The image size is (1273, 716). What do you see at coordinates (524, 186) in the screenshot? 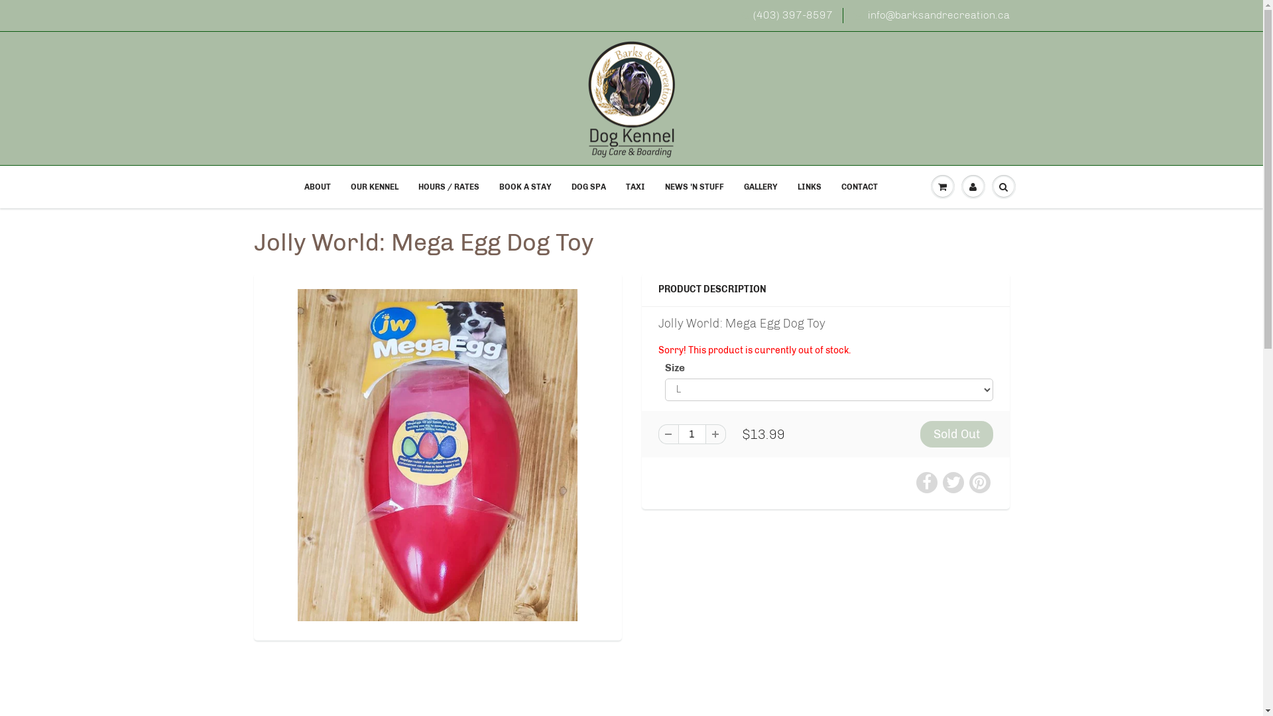
I see `'BOOK A STAY'` at bounding box center [524, 186].